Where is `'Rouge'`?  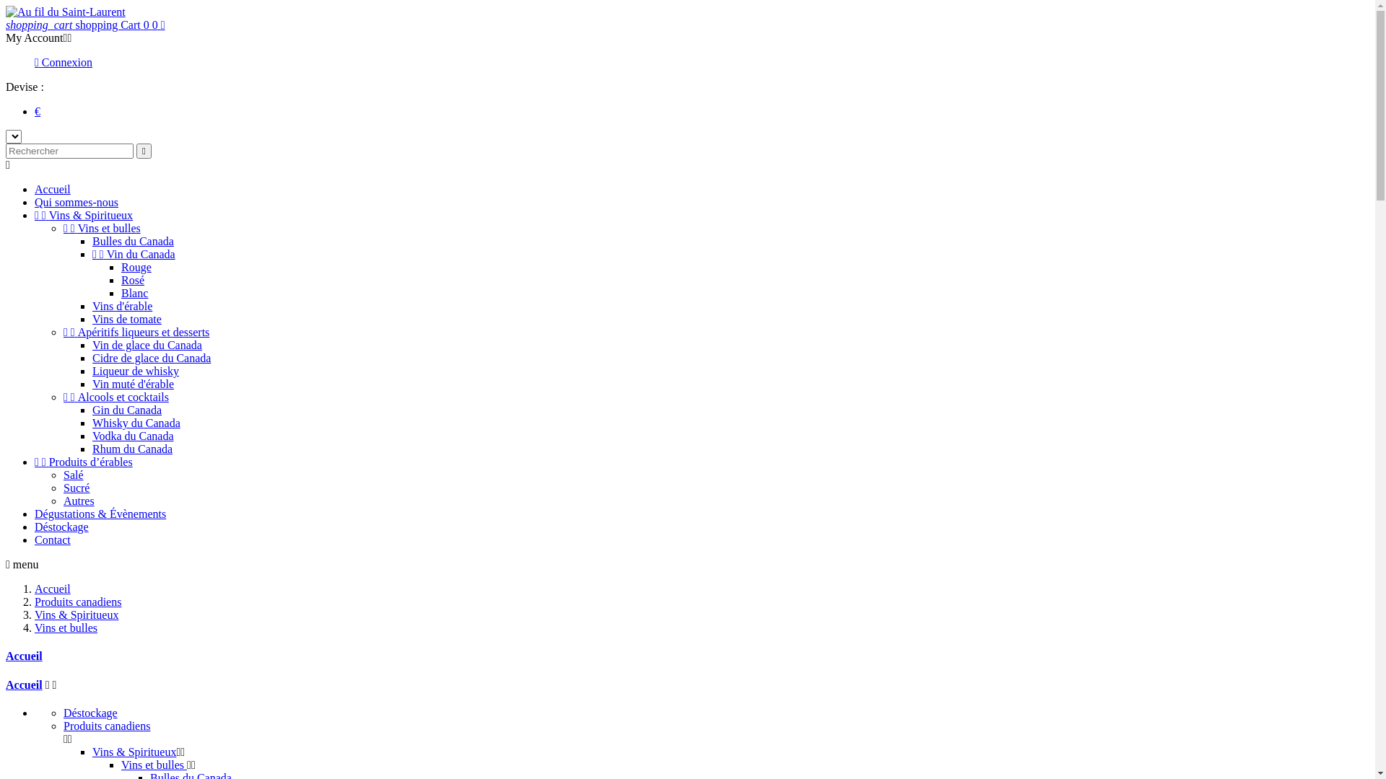
'Rouge' is located at coordinates (136, 267).